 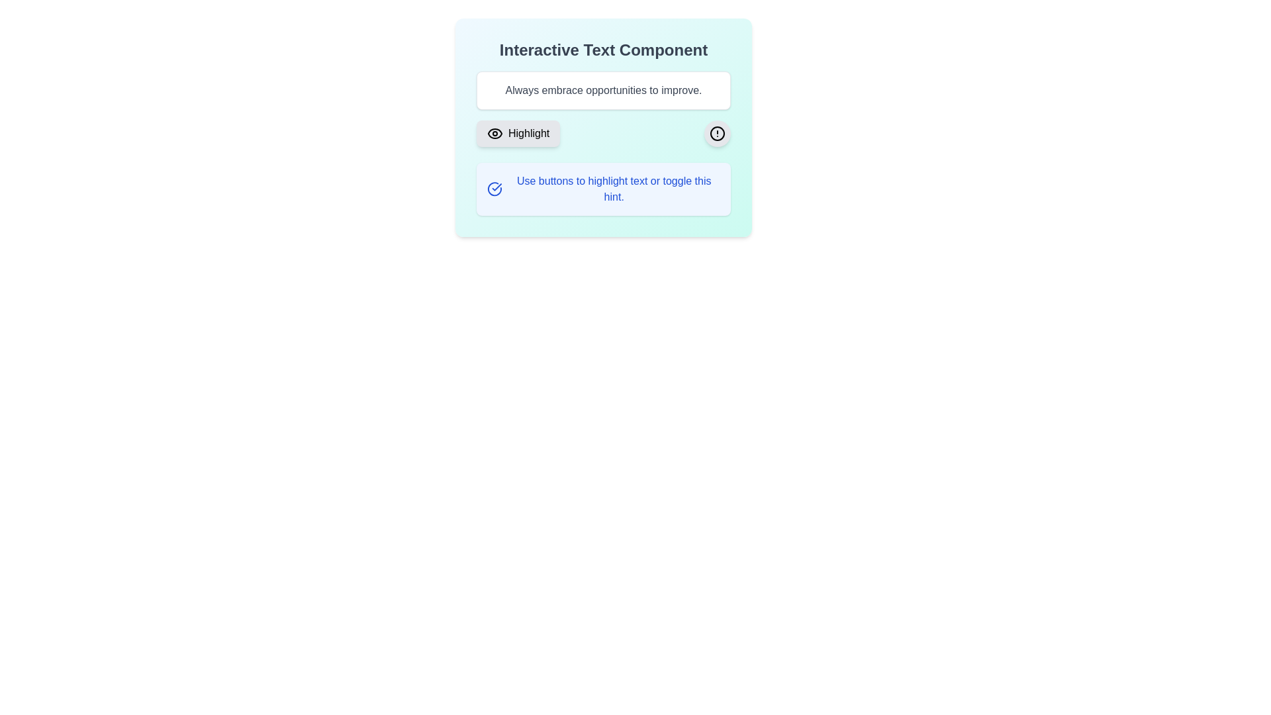 What do you see at coordinates (717, 133) in the screenshot?
I see `the circular button with a gray background and black border that contains a black alert icon, located in the top-right corner of the 'Highlight' label button` at bounding box center [717, 133].